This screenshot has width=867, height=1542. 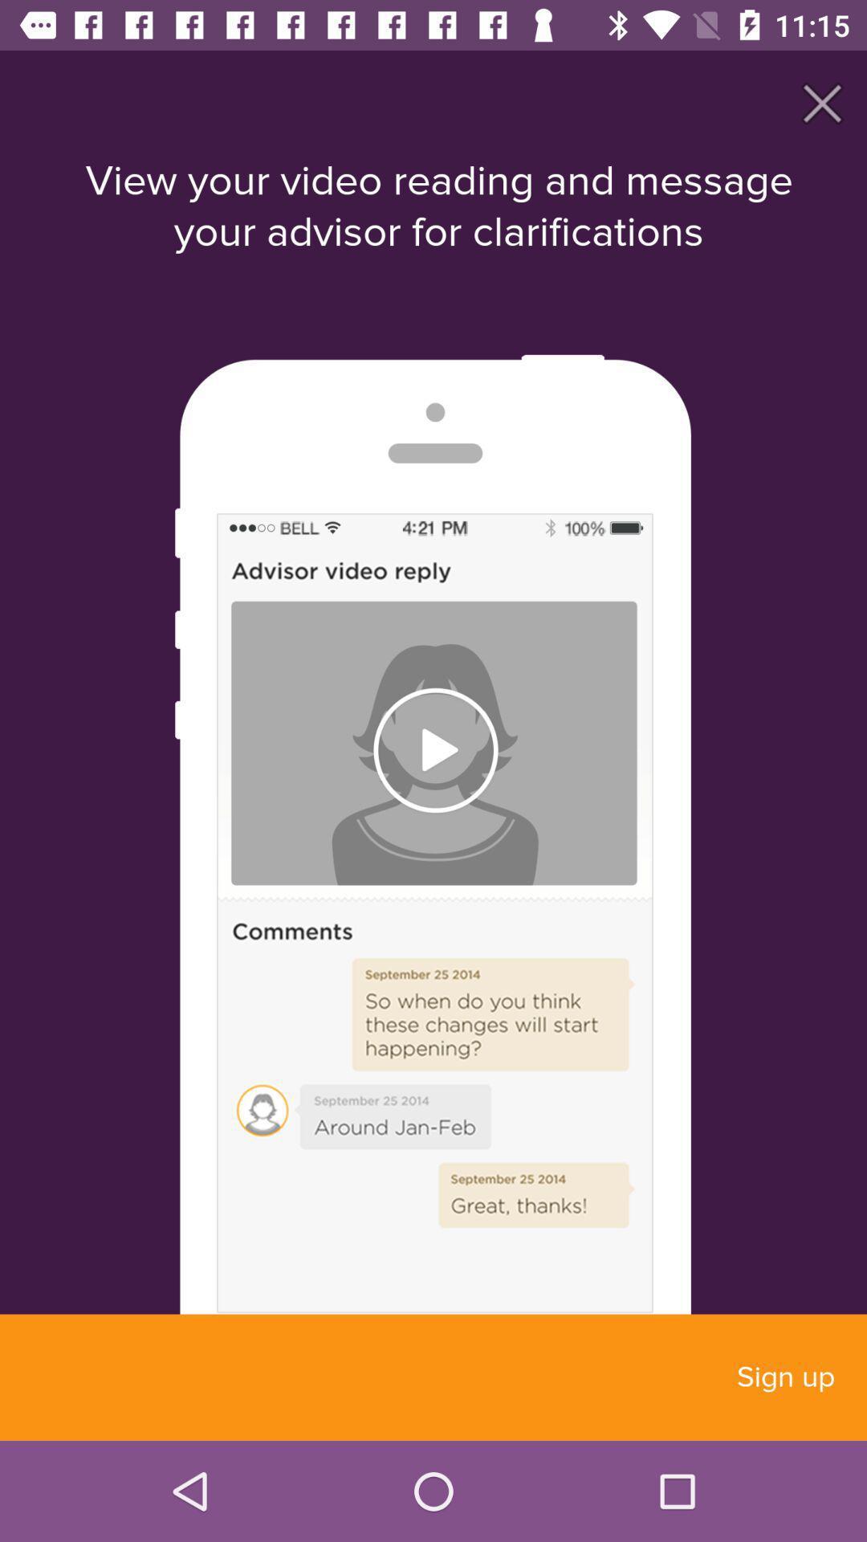 I want to click on the close icon, so click(x=822, y=102).